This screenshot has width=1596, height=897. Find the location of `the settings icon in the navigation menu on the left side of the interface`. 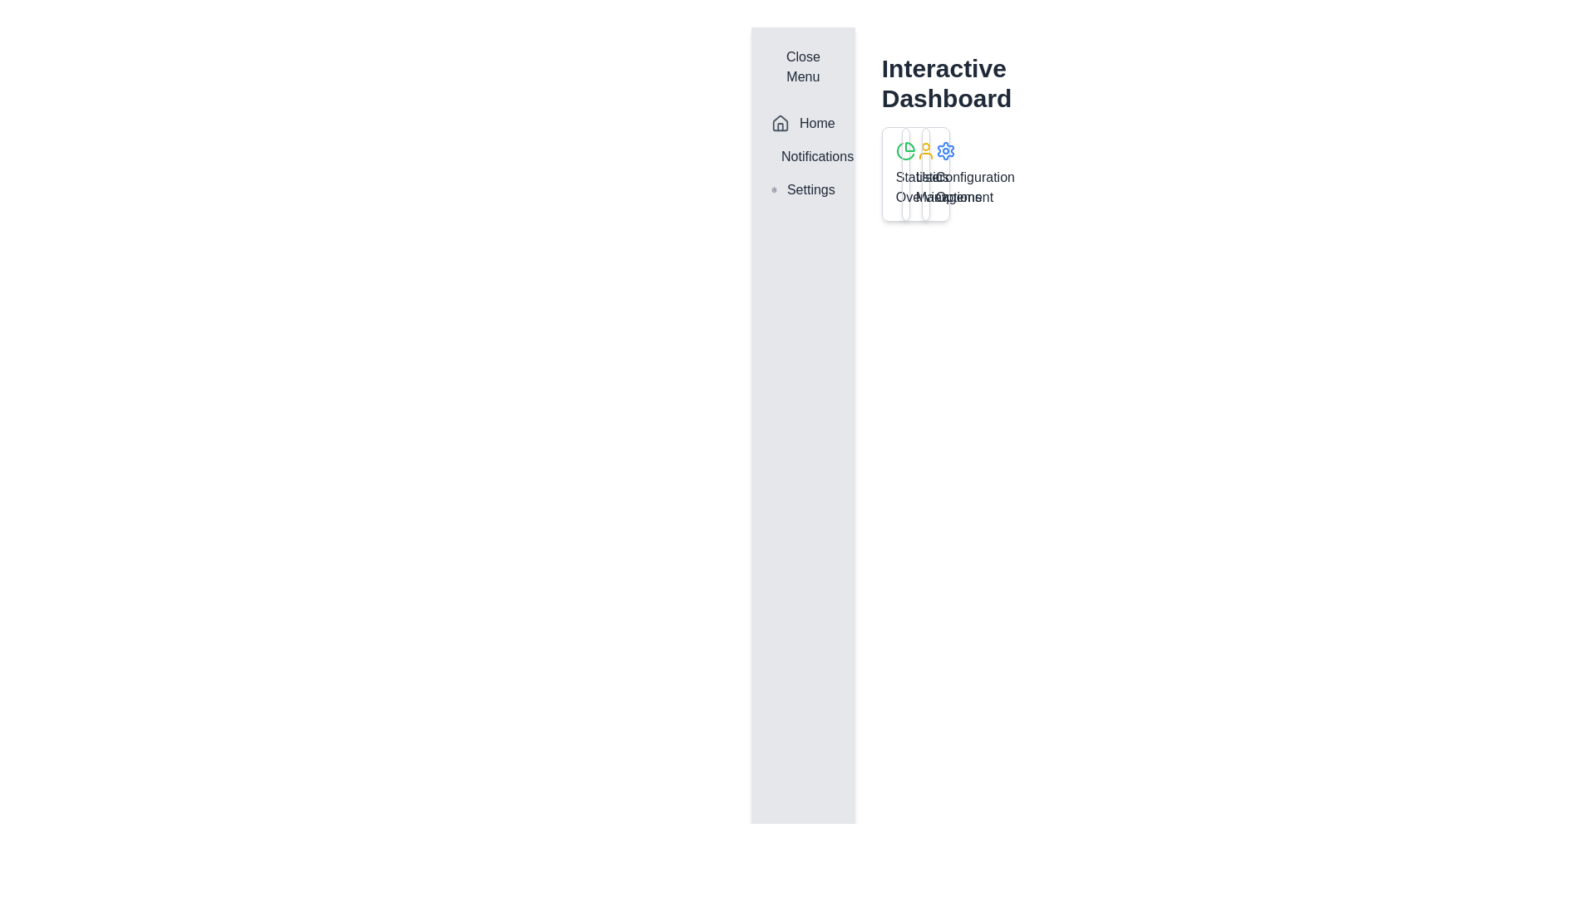

the settings icon in the navigation menu on the left side of the interface is located at coordinates (773, 189).